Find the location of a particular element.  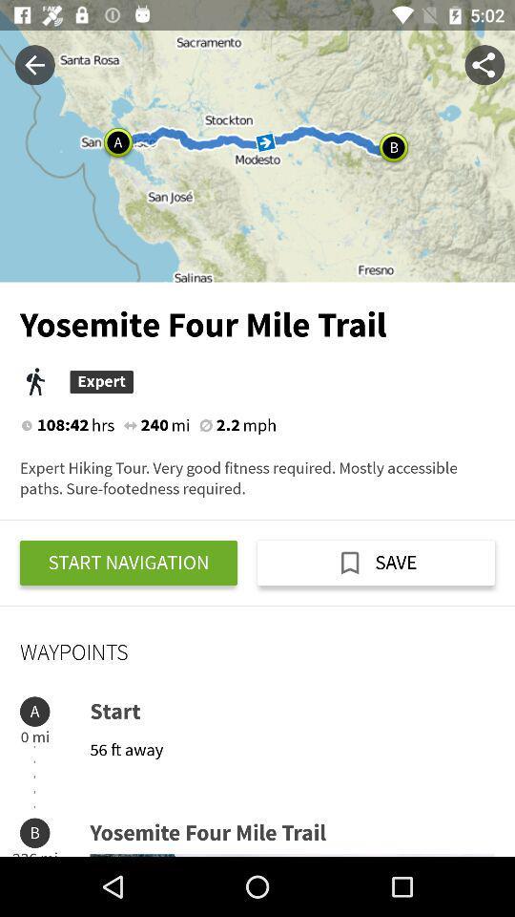

the text b at bottom page left corner is located at coordinates (34, 832).